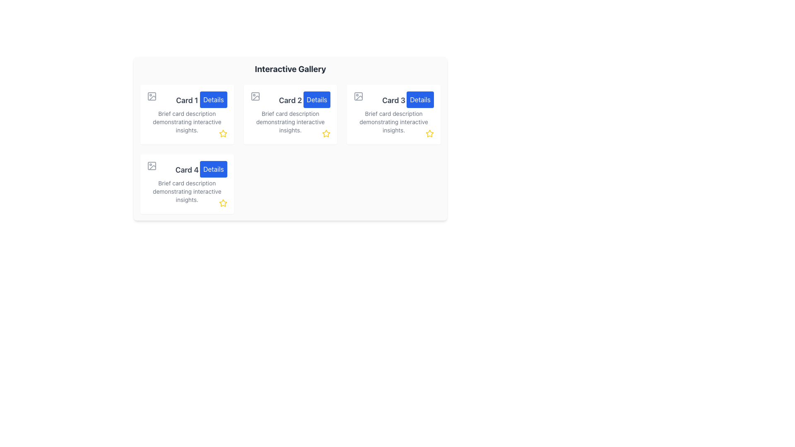 The image size is (795, 447). What do you see at coordinates (213, 99) in the screenshot?
I see `the button located in the top-right corner of 'Card 1' which allows users to expand or view additional details related to the card's content` at bounding box center [213, 99].